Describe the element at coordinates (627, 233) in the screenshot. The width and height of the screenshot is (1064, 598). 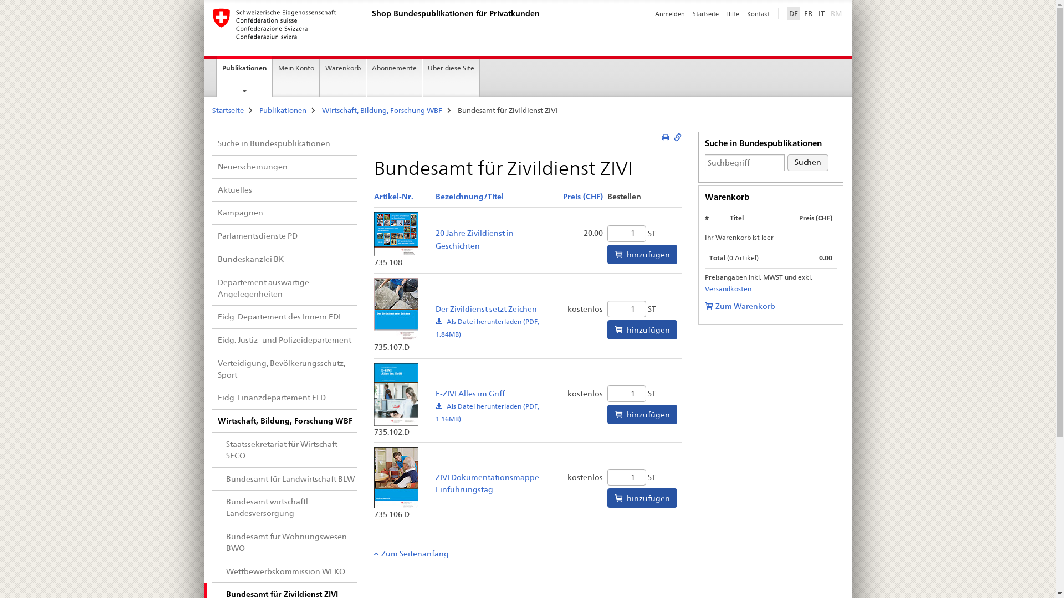
I see `'Menge'` at that location.